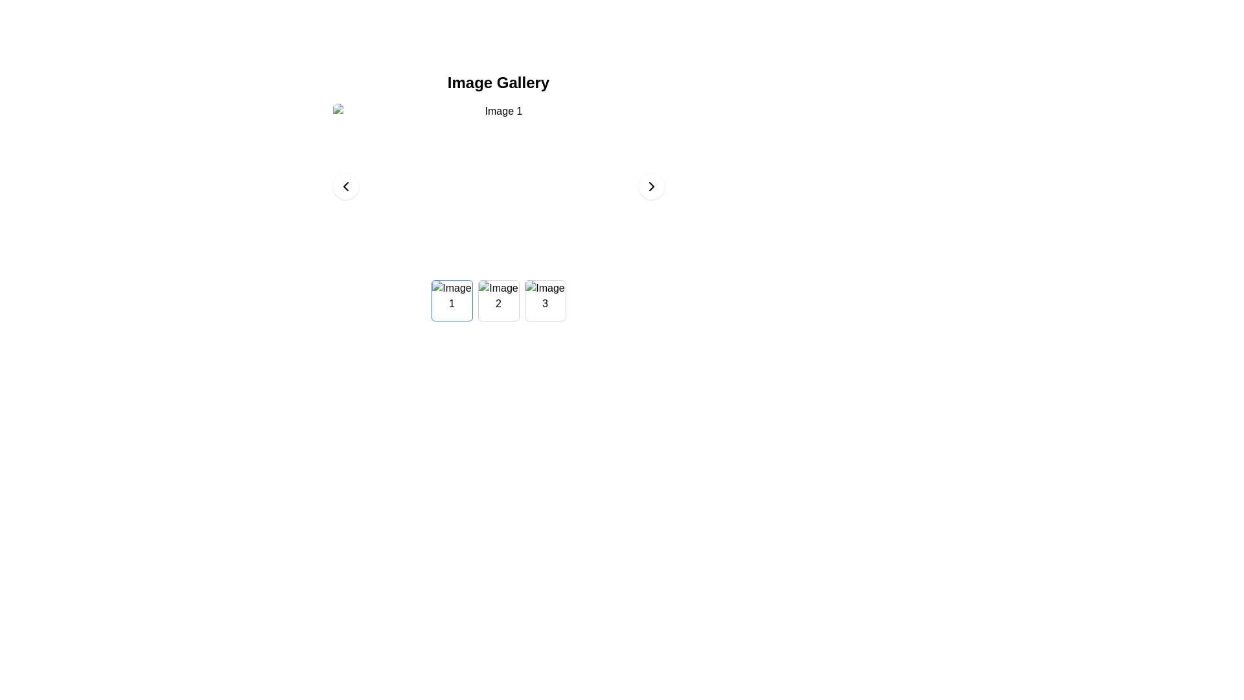 This screenshot has width=1244, height=700. I want to click on the left navigation button used to move to the previous image in the image gallery, so click(345, 187).